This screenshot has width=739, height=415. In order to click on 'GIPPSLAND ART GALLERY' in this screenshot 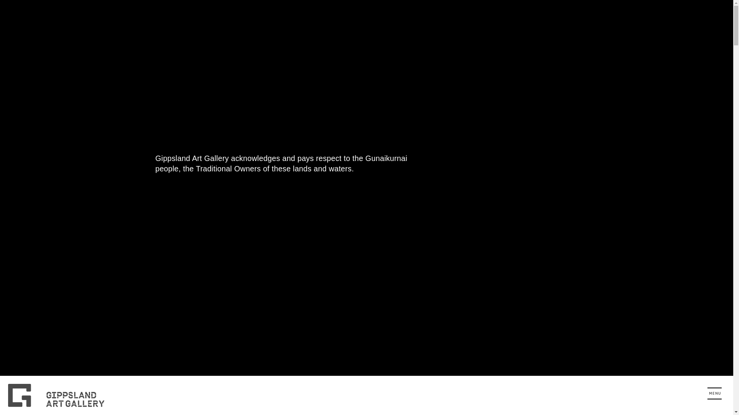, I will do `click(60, 395)`.